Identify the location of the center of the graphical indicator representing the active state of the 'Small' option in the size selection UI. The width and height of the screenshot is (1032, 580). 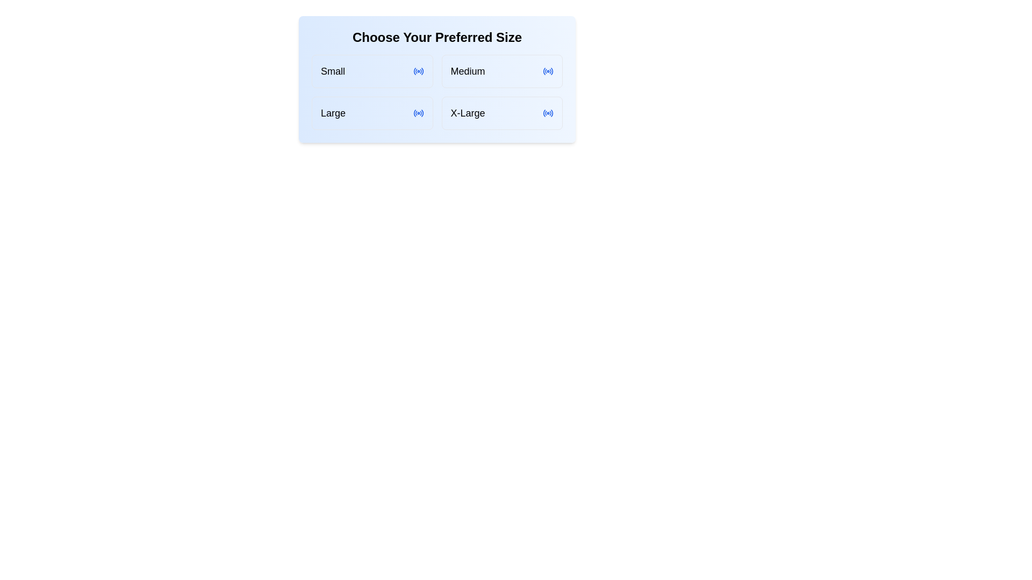
(418, 71).